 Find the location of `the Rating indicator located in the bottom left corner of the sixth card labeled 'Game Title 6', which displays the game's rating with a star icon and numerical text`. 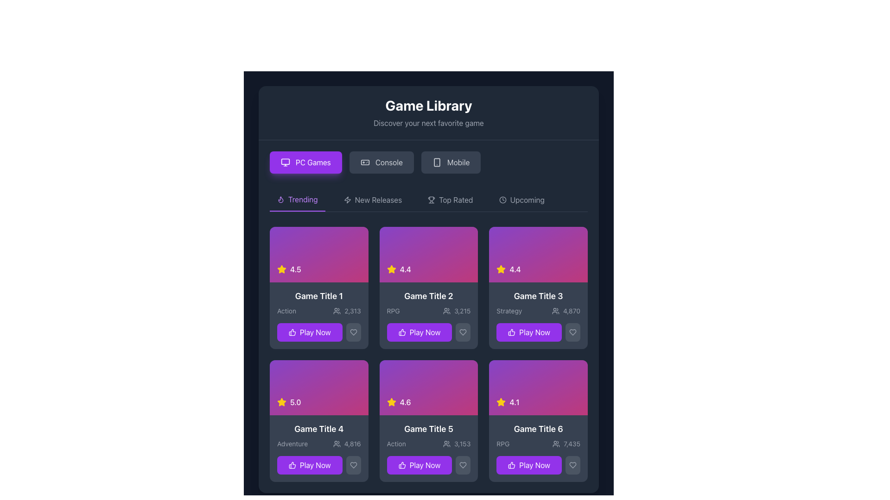

the Rating indicator located in the bottom left corner of the sixth card labeled 'Game Title 6', which displays the game's rating with a star icon and numerical text is located at coordinates (507, 402).